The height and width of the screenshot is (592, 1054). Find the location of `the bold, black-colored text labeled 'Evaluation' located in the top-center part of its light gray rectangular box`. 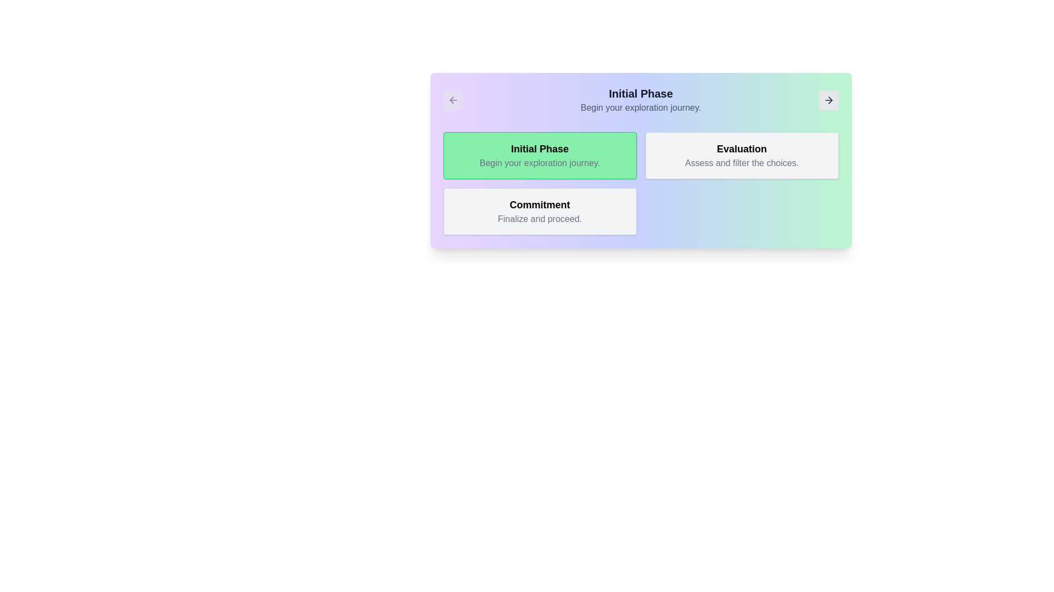

the bold, black-colored text labeled 'Evaluation' located in the top-center part of its light gray rectangular box is located at coordinates (742, 149).